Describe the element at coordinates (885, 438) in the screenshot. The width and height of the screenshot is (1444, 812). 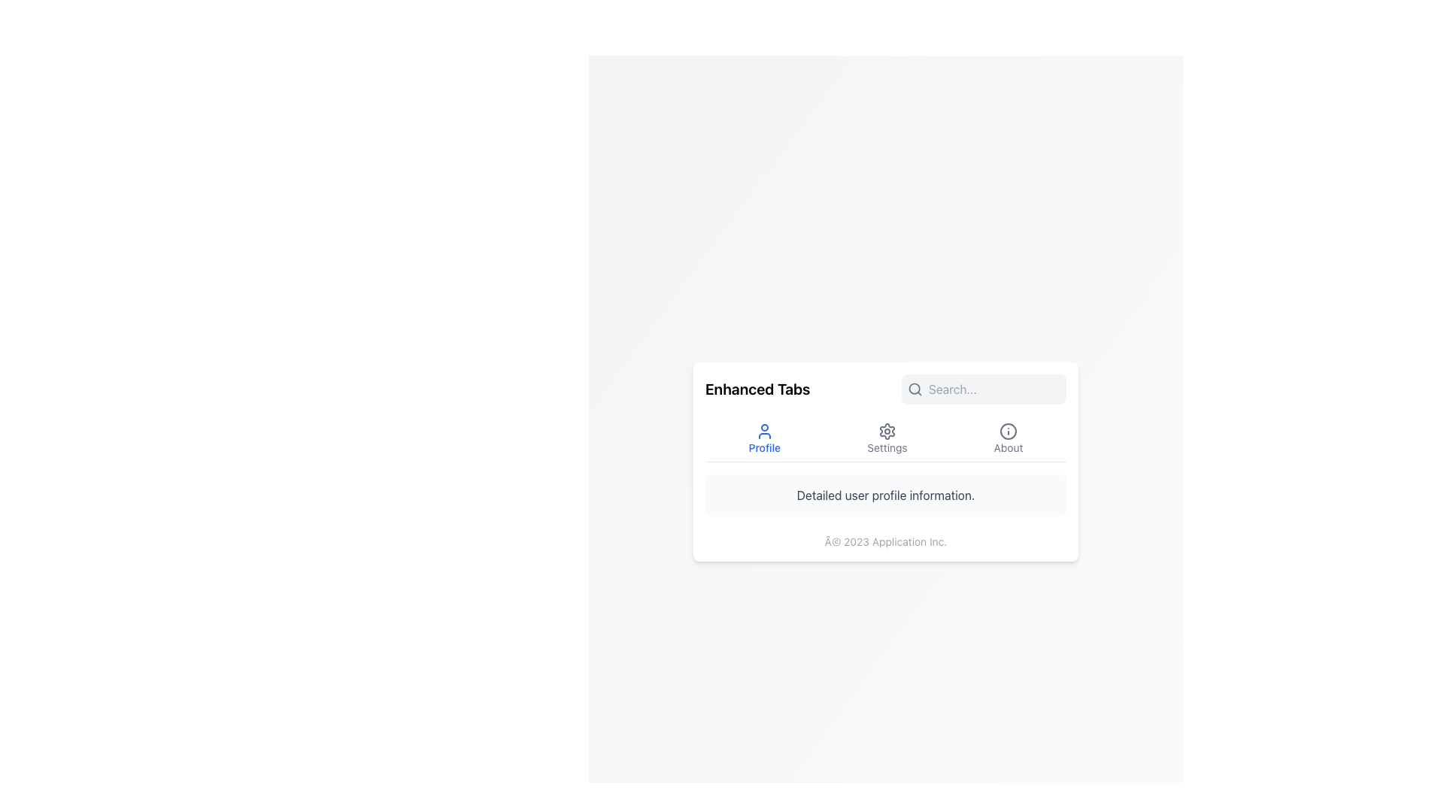
I see `the 'Settings' navigation button located in the central area of the interface` at that location.